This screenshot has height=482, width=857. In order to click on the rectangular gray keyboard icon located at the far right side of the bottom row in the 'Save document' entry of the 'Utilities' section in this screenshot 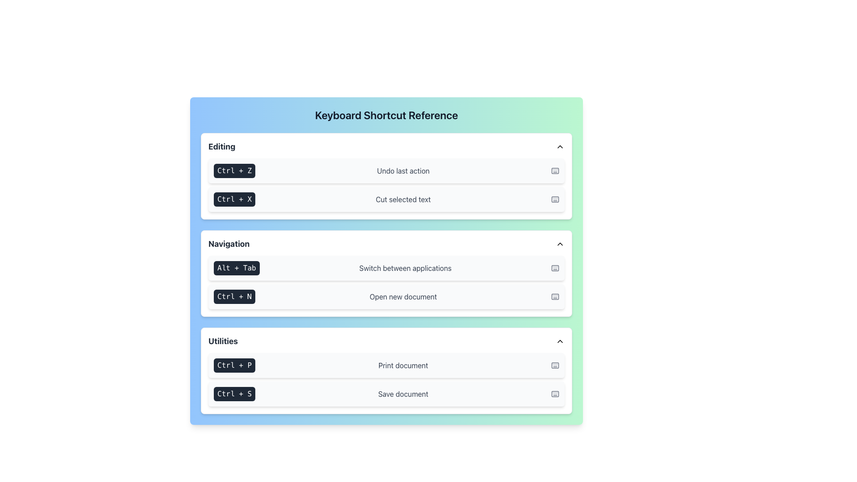, I will do `click(554, 394)`.